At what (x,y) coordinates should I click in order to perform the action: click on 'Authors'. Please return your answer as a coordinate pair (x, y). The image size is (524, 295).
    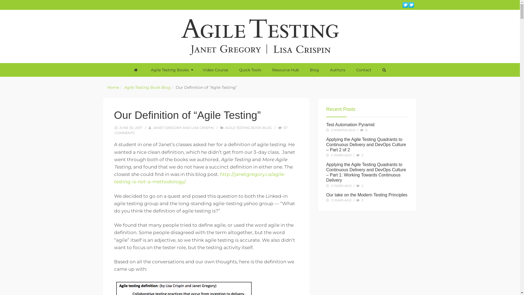
    Looking at the image, I should click on (337, 69).